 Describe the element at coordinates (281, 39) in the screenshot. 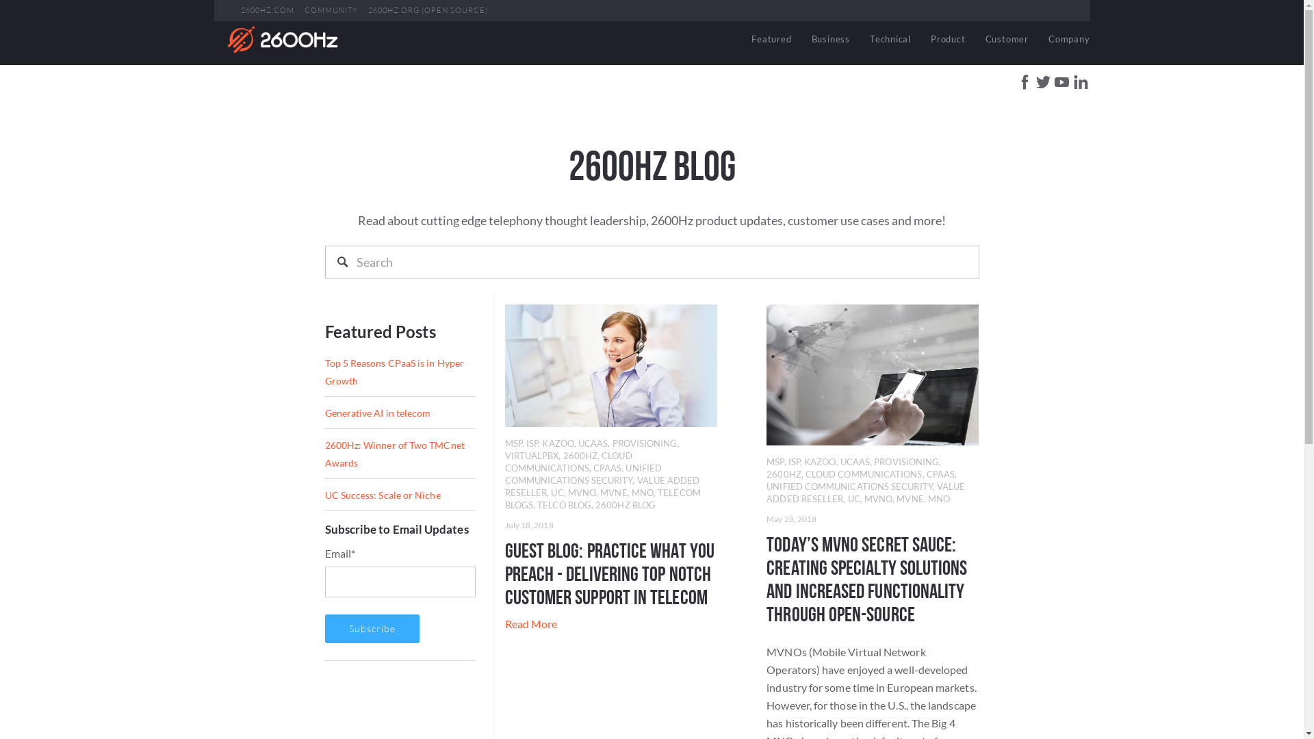

I see `'2600Hz Blog'` at that location.